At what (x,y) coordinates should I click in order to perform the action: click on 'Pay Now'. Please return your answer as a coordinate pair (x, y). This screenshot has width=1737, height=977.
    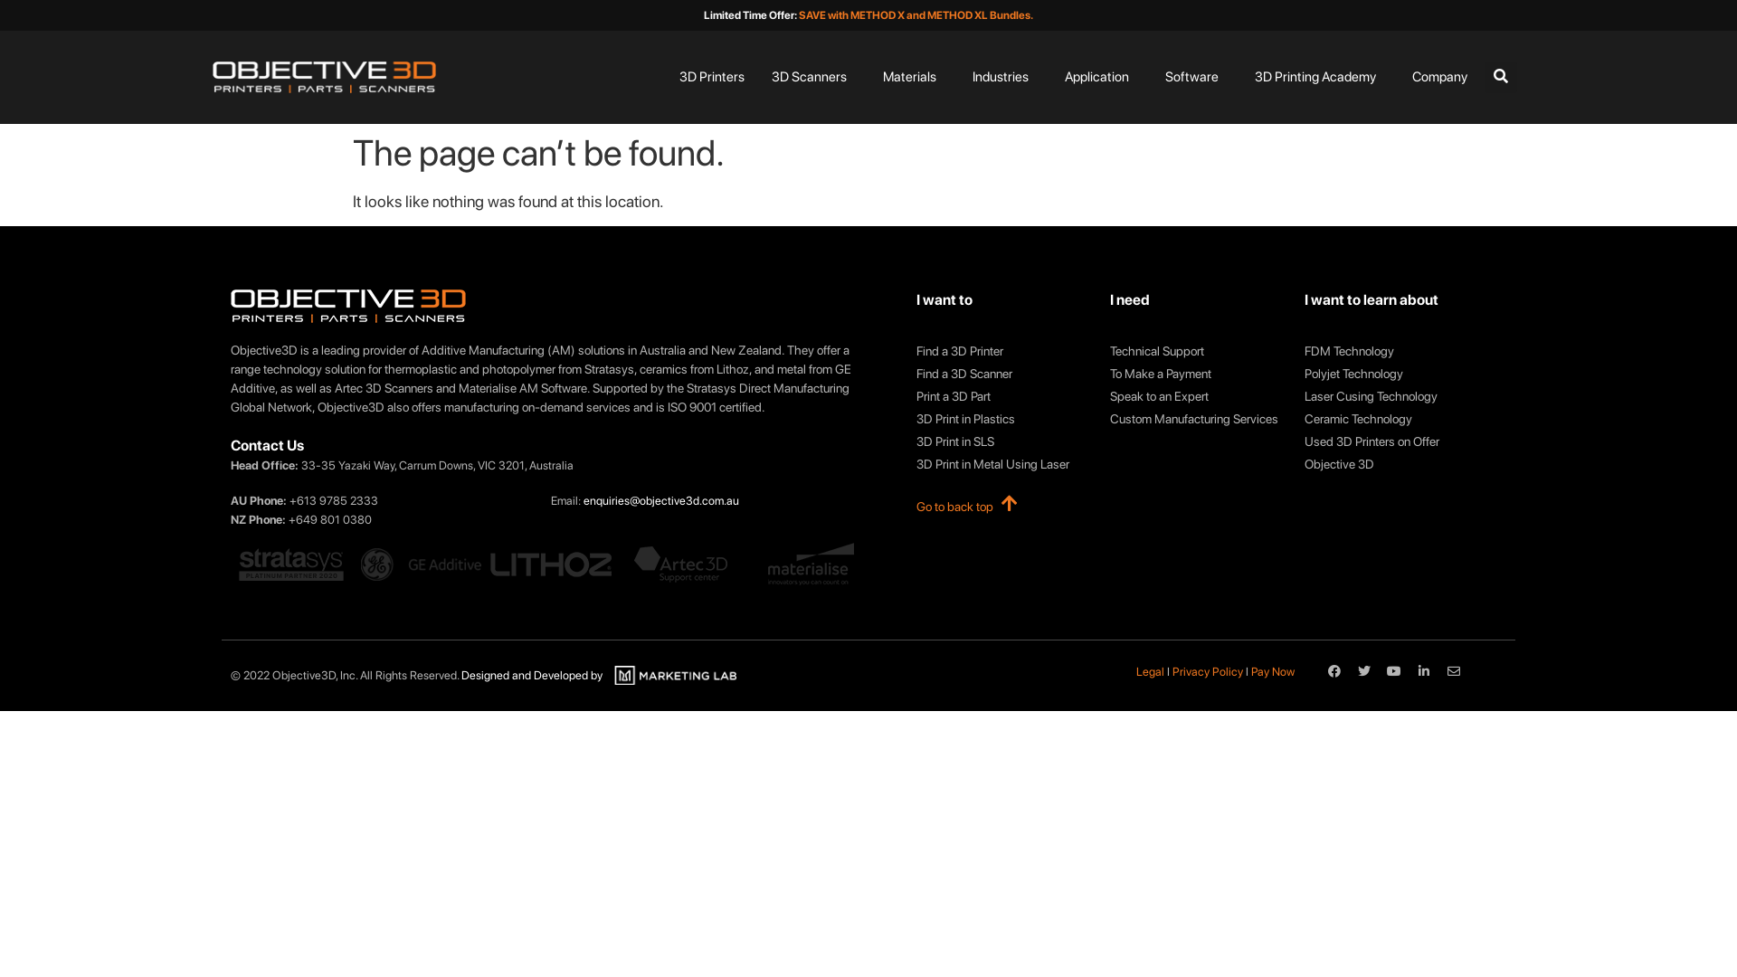
    Looking at the image, I should click on (1271, 671).